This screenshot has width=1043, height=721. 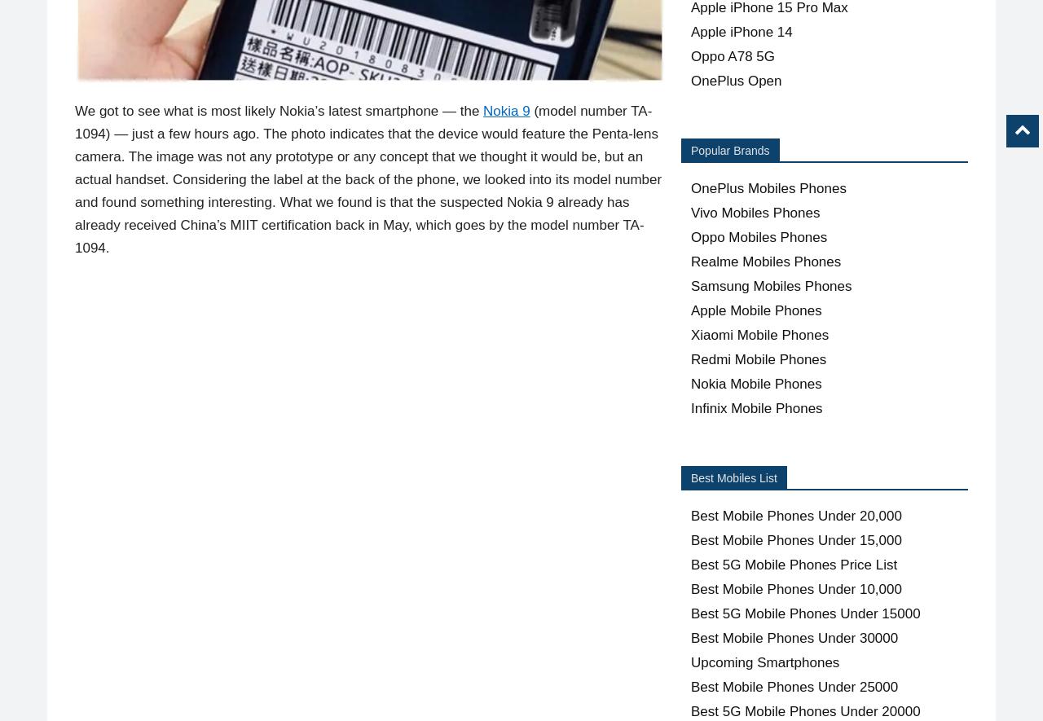 What do you see at coordinates (796, 588) in the screenshot?
I see `'Best Mobile Phones Under 10,000'` at bounding box center [796, 588].